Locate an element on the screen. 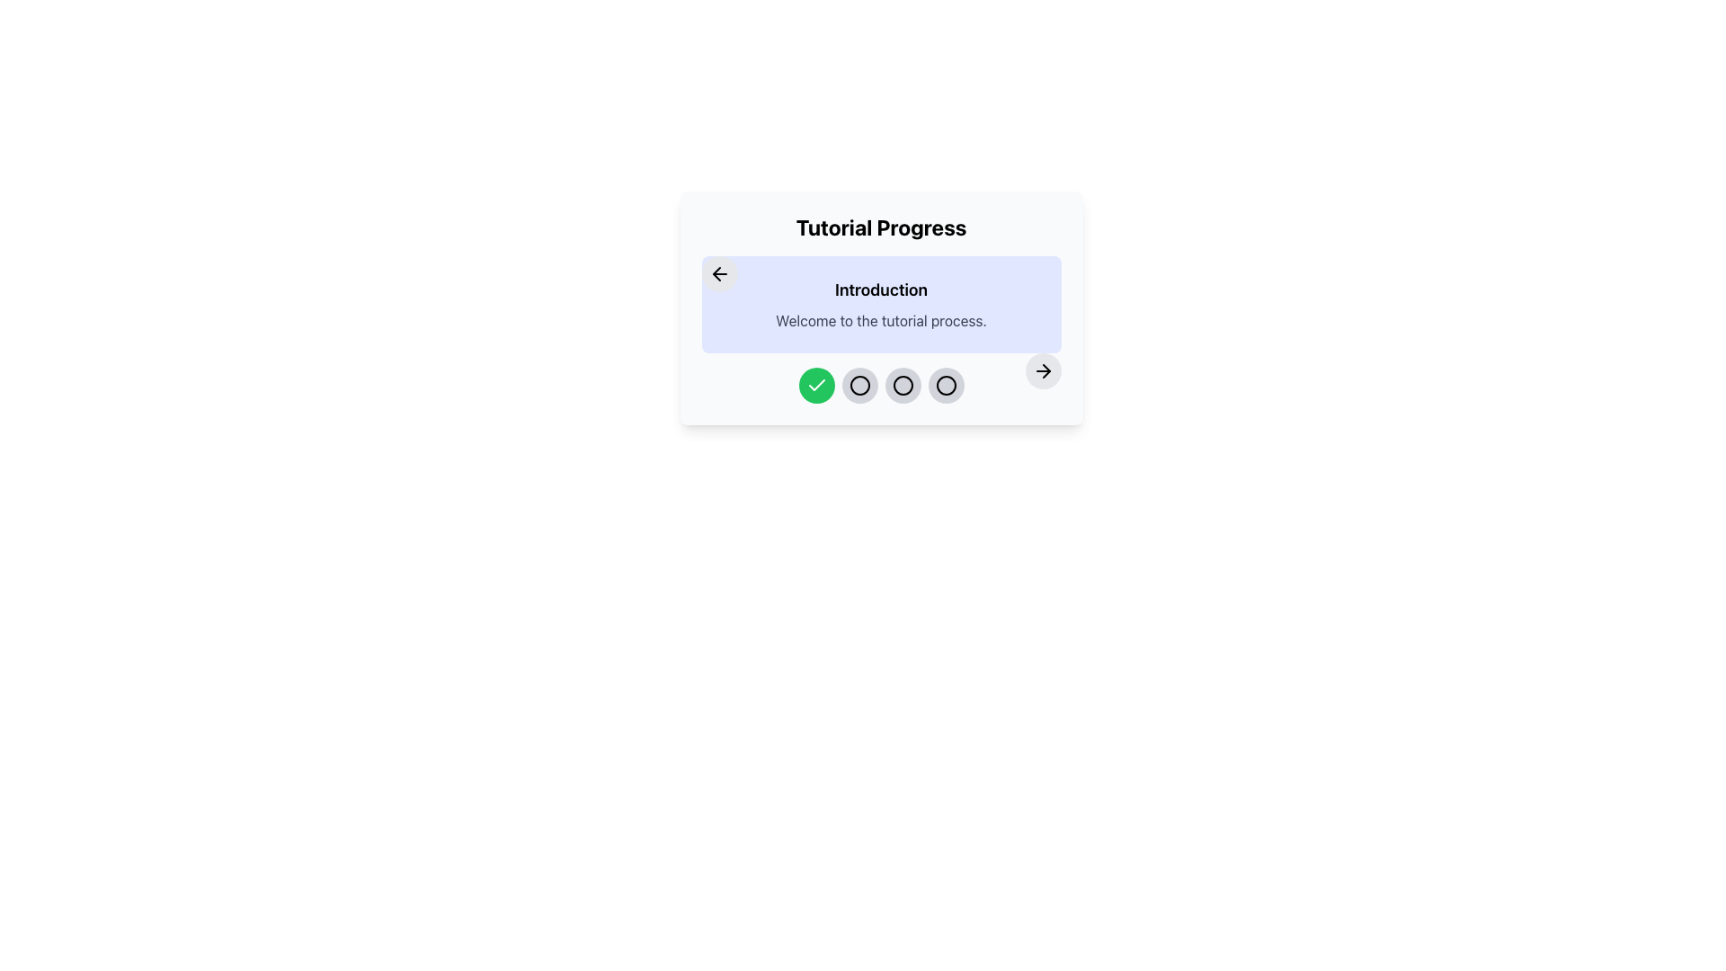  the second gray circular button in the tutorial interface is located at coordinates (859, 384).